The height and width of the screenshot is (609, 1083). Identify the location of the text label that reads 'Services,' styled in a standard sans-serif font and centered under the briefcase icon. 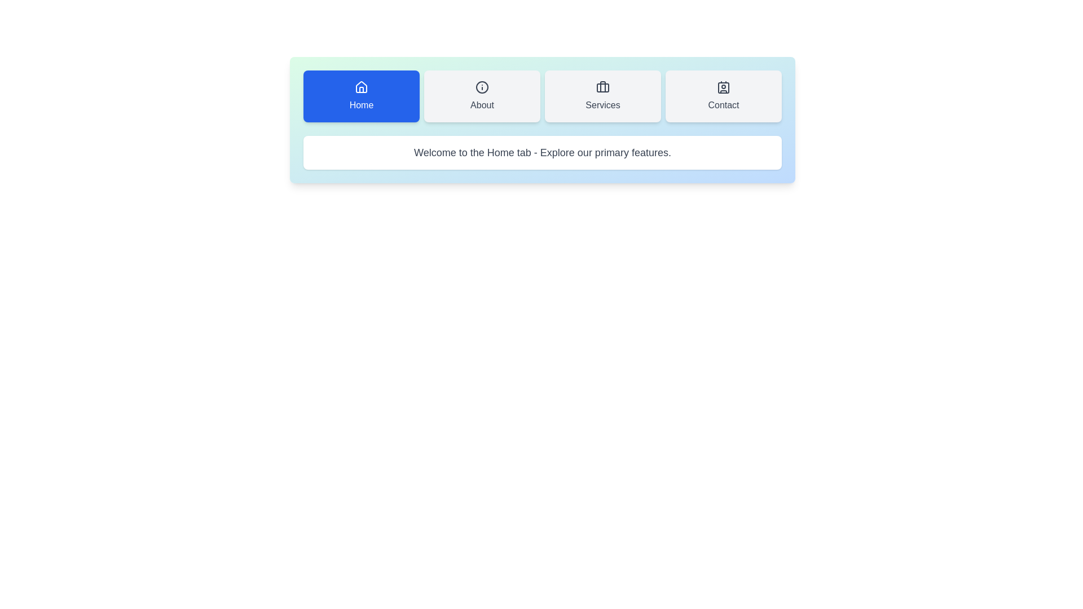
(602, 105).